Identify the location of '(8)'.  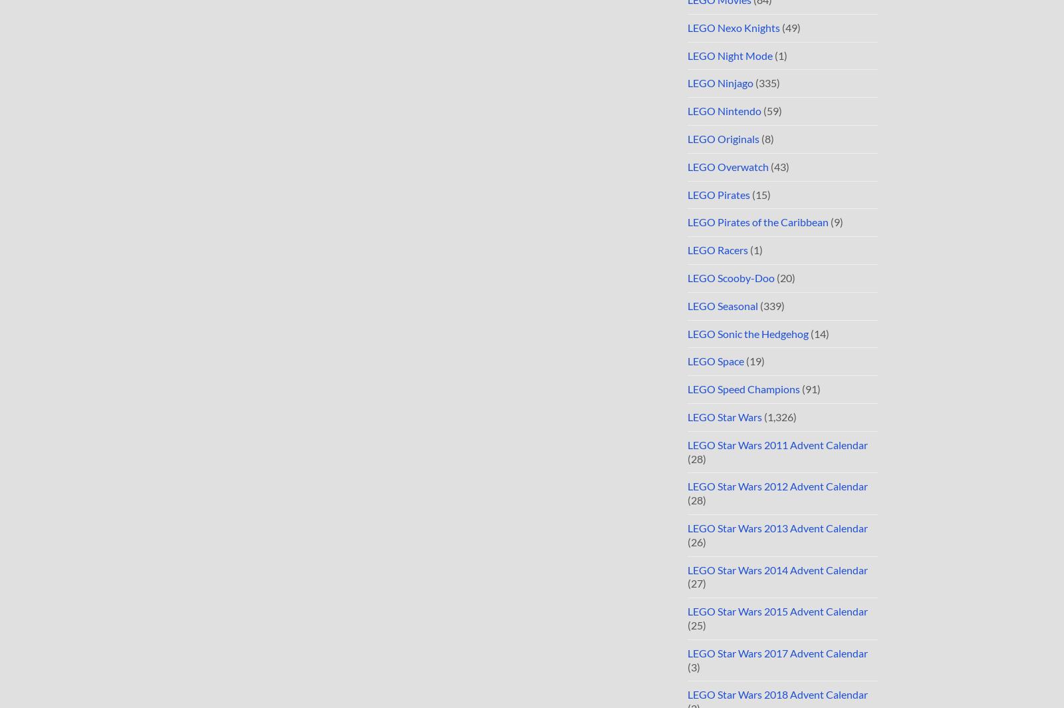
(766, 138).